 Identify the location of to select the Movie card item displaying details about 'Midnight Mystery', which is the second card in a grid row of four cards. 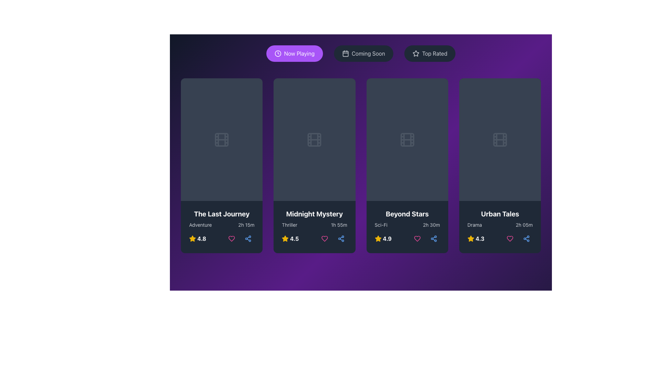
(314, 166).